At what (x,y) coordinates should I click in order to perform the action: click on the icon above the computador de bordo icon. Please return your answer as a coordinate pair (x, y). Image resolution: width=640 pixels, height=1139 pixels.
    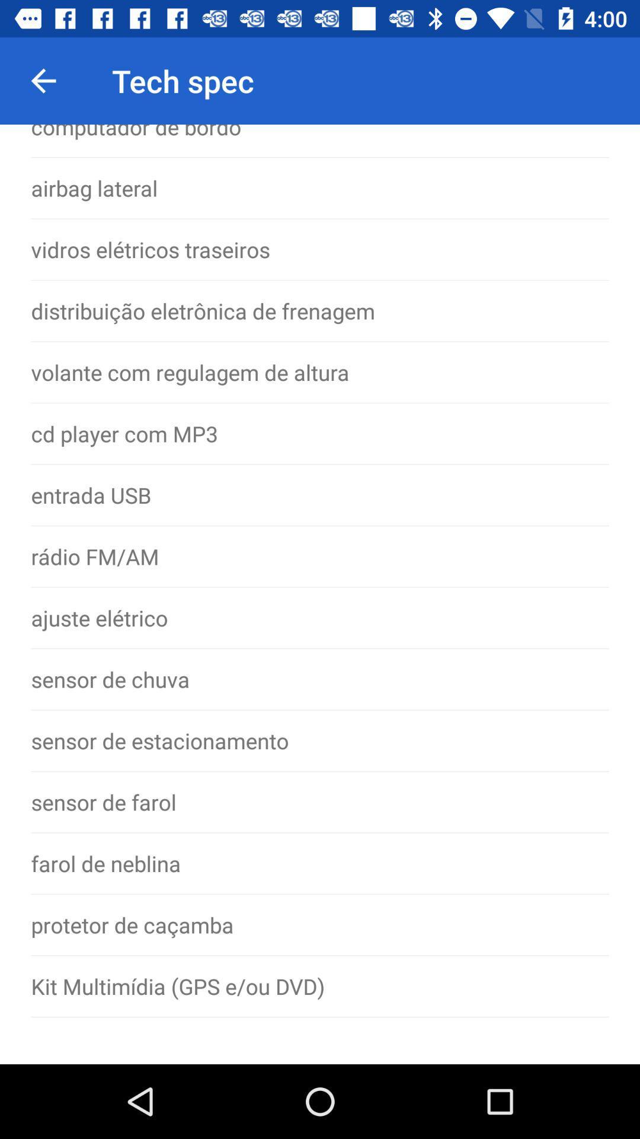
    Looking at the image, I should click on (43, 80).